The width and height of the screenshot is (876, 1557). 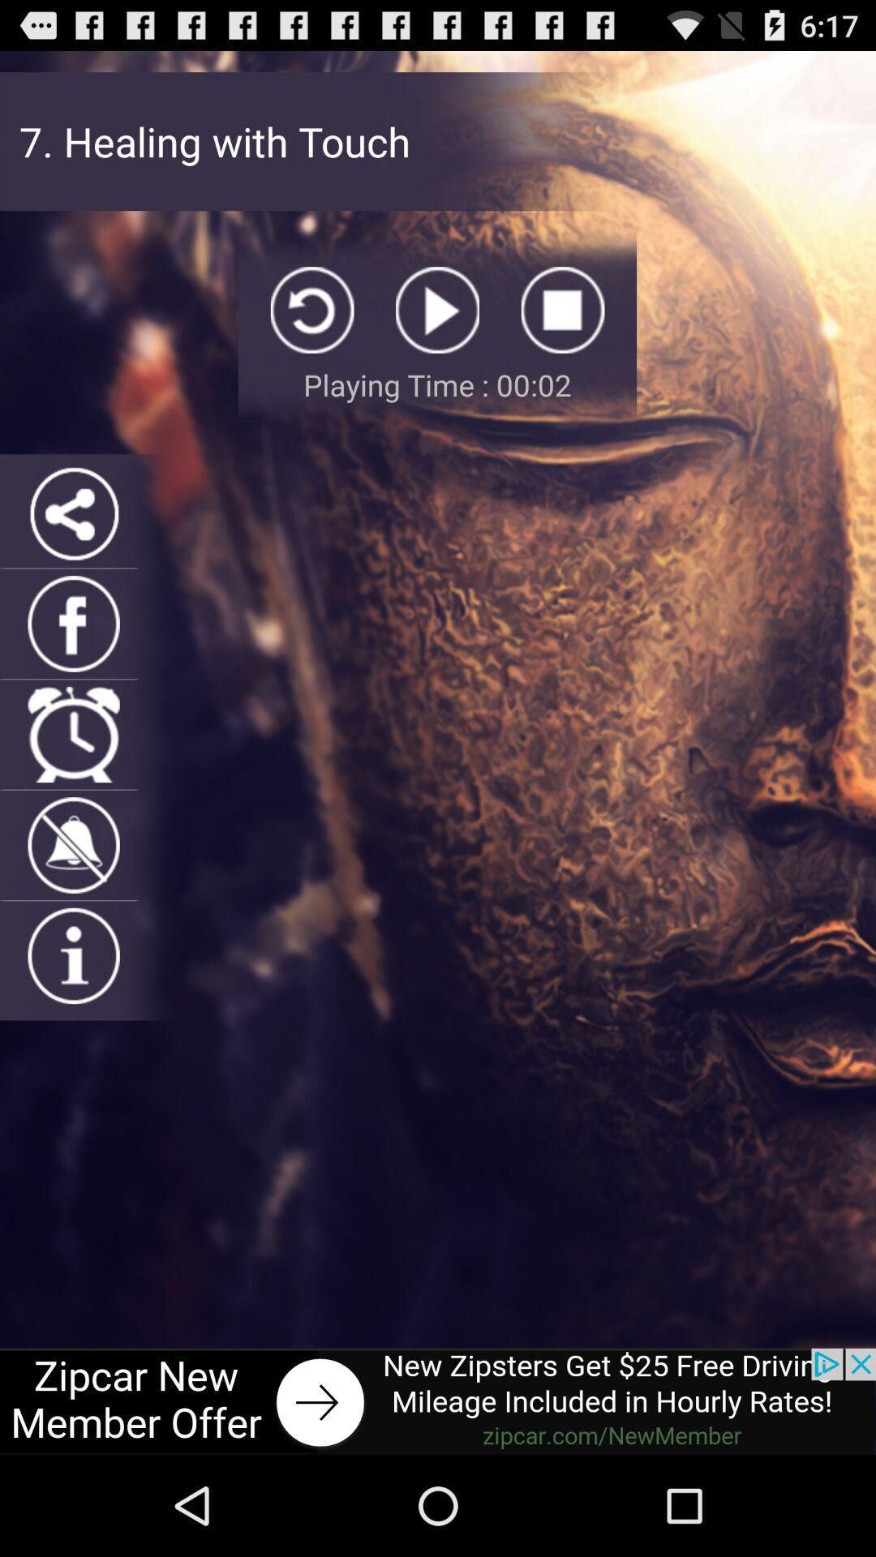 I want to click on mute the alarm, so click(x=74, y=844).